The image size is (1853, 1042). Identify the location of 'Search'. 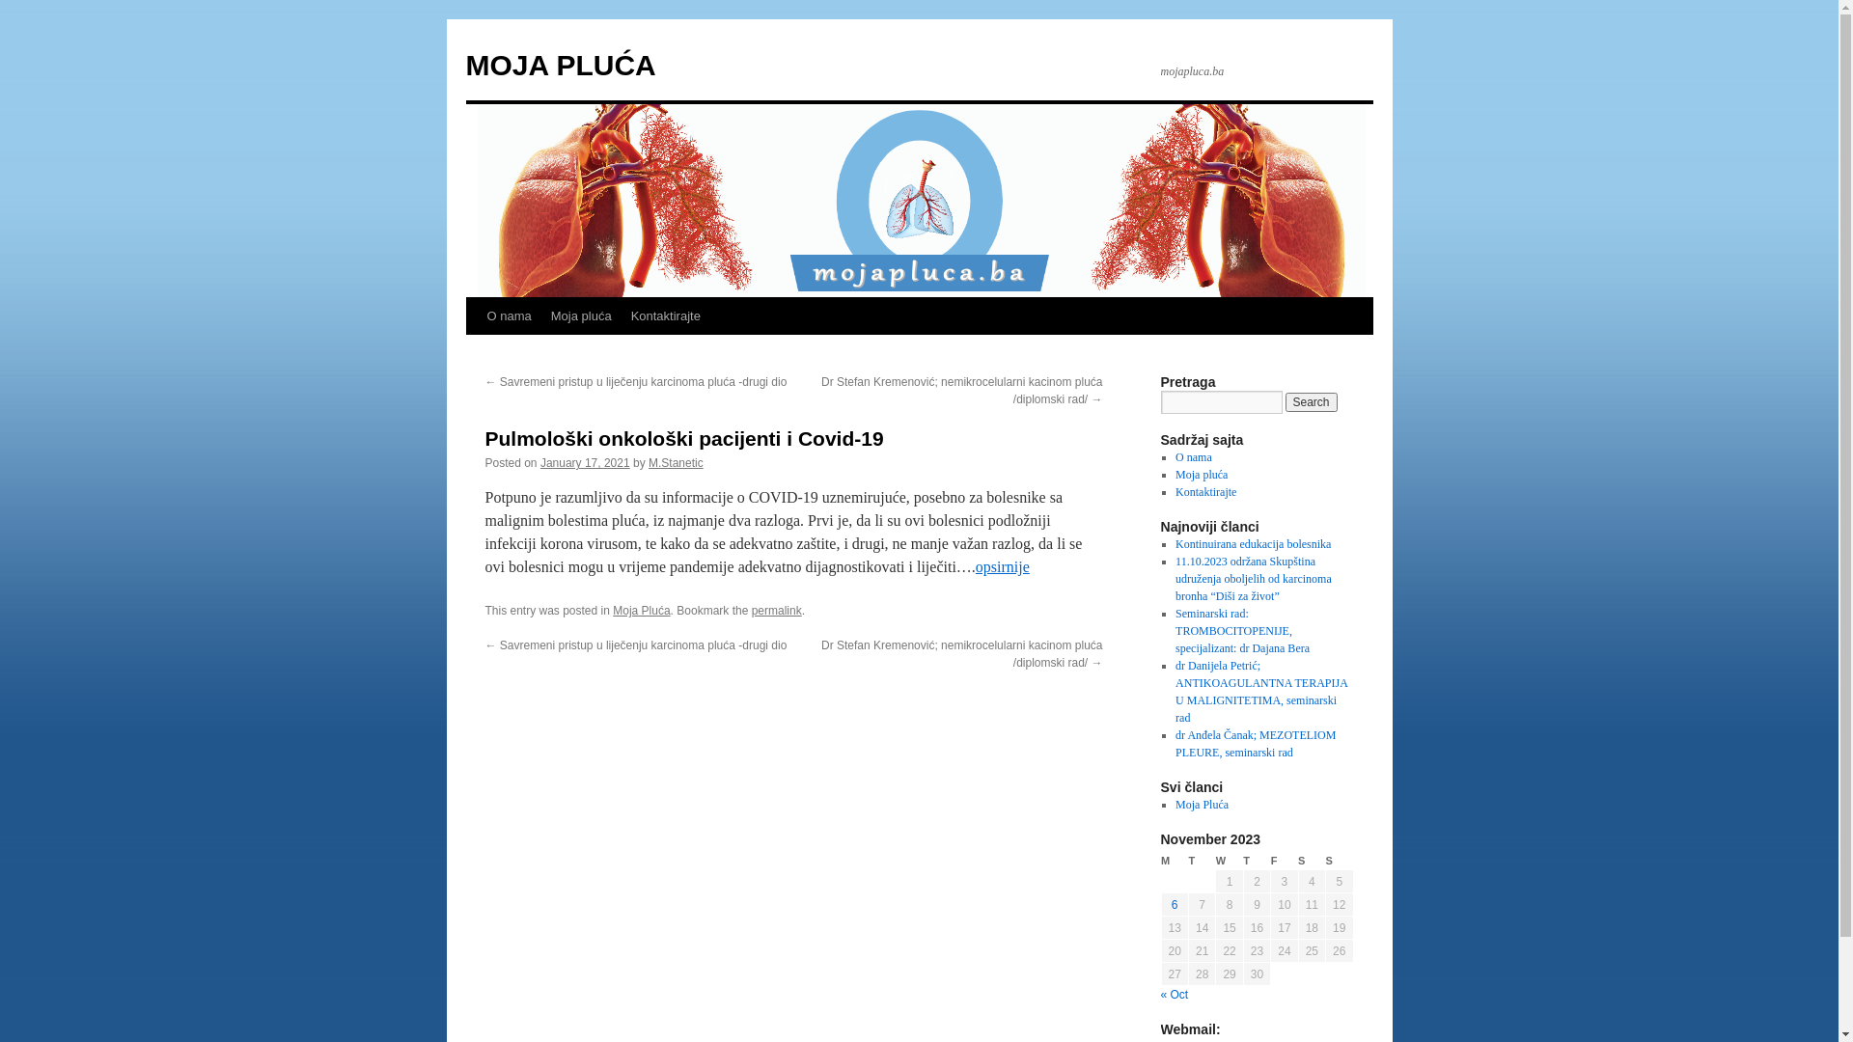
(1285, 400).